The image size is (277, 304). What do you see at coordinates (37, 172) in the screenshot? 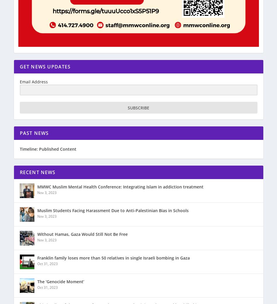
I see `'Recent News'` at bounding box center [37, 172].